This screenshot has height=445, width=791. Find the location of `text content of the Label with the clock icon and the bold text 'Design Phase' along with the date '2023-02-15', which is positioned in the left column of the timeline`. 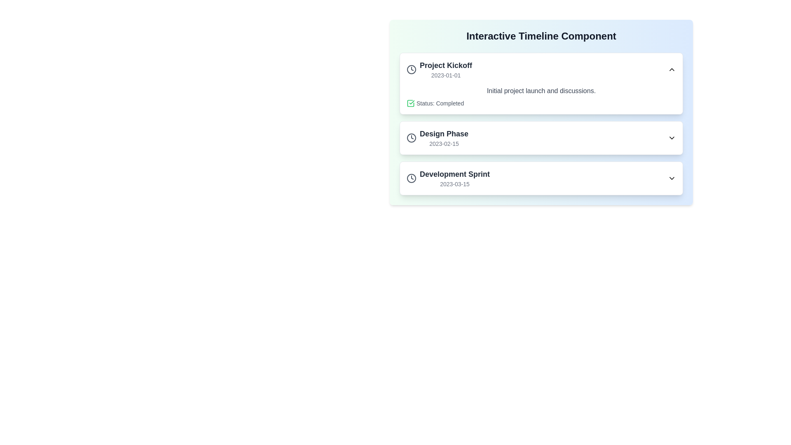

text content of the Label with the clock icon and the bold text 'Design Phase' along with the date '2023-02-15', which is positioned in the left column of the timeline is located at coordinates (437, 138).